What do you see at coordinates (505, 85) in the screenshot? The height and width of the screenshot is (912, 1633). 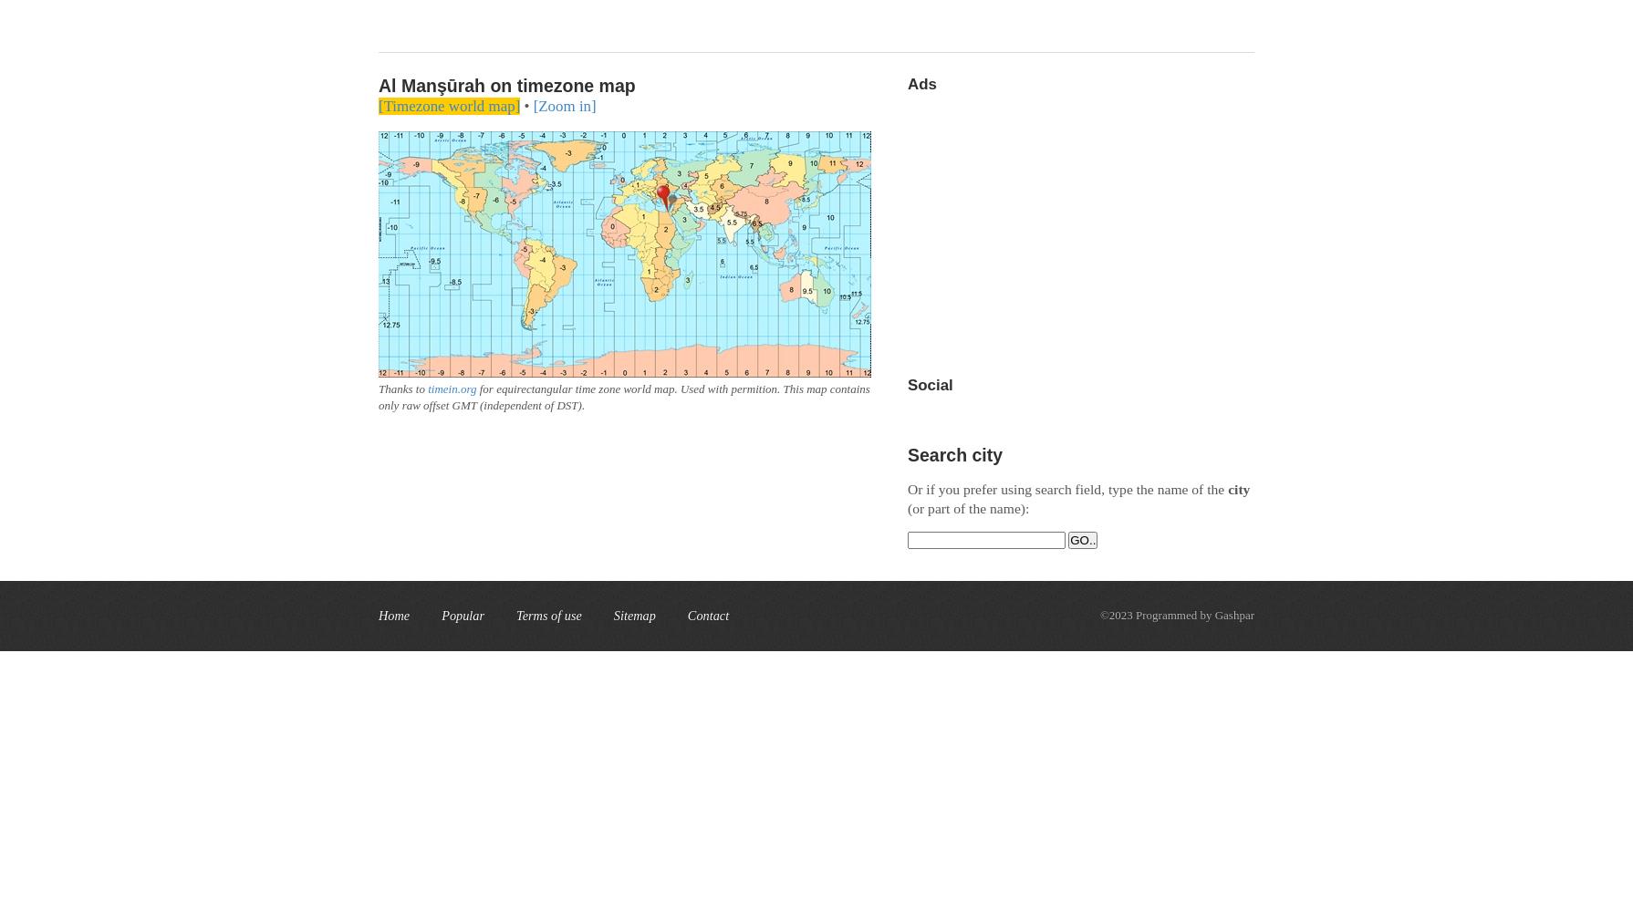 I see `'Al Manşūrah on timezone map'` at bounding box center [505, 85].